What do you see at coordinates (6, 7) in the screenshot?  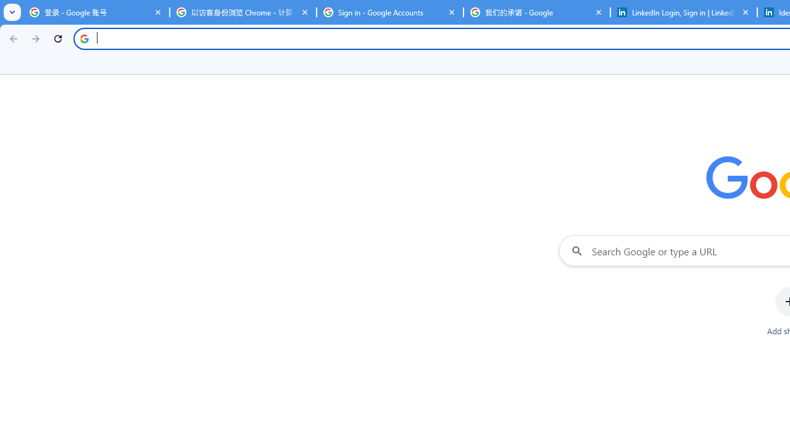 I see `'System'` at bounding box center [6, 7].